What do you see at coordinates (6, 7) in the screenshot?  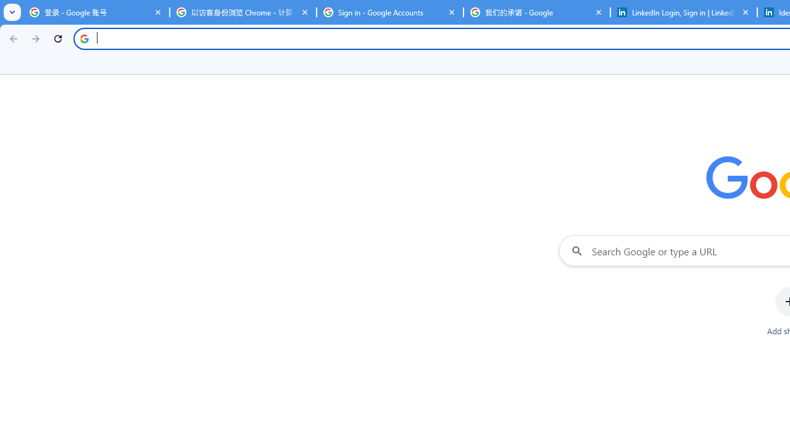 I see `'System'` at bounding box center [6, 7].